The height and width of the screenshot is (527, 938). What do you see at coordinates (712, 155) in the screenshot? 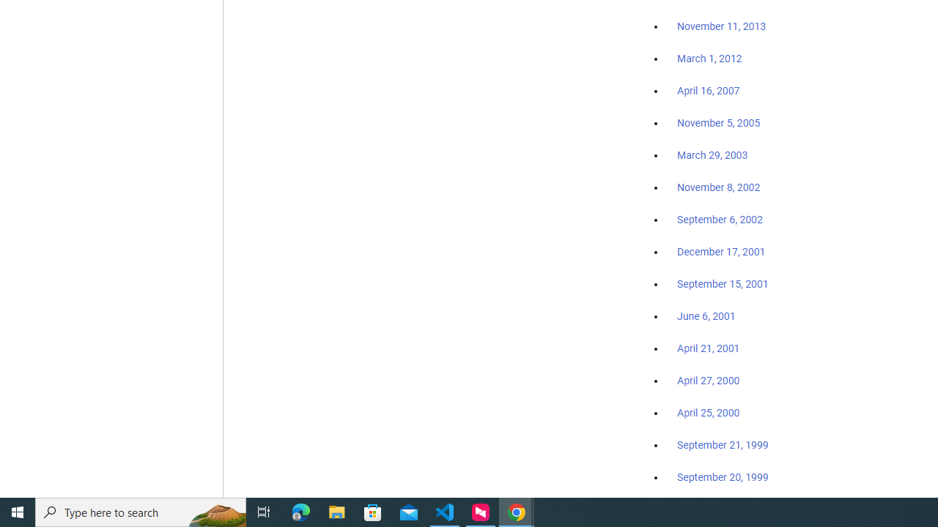
I see `'March 29, 2003'` at bounding box center [712, 155].